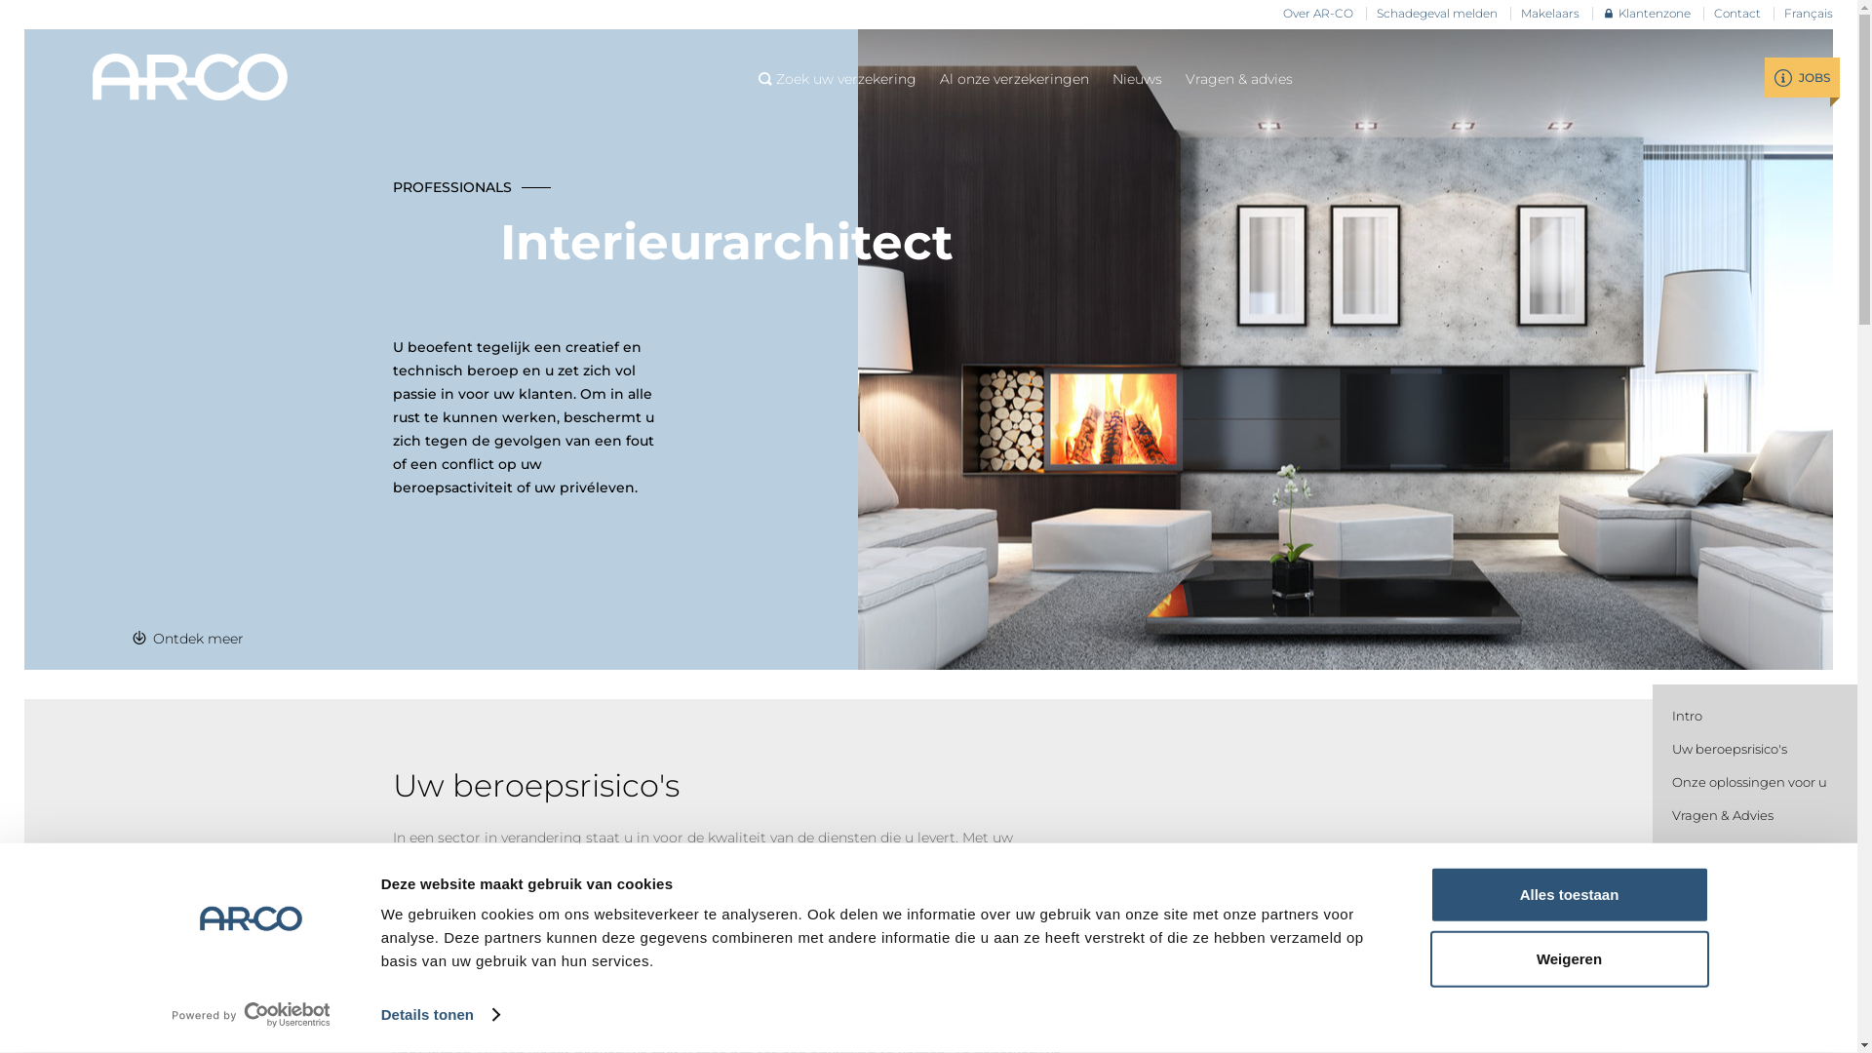 Image resolution: width=1872 pixels, height=1053 pixels. What do you see at coordinates (1436, 14) in the screenshot?
I see `'Schadegeval melden'` at bounding box center [1436, 14].